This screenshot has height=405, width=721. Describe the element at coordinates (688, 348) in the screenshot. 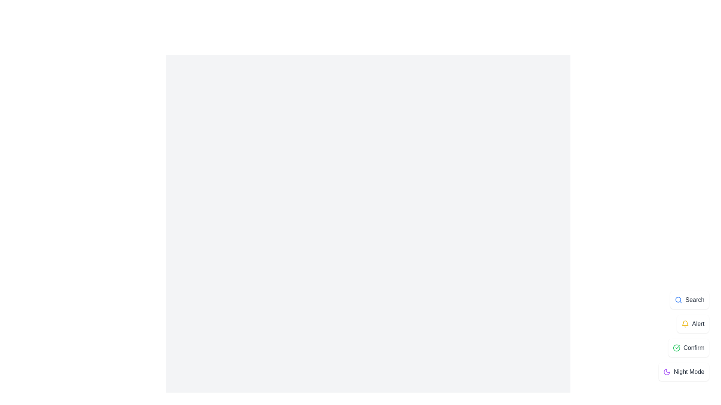

I see `the Confirm button to select the Confirm option` at that location.